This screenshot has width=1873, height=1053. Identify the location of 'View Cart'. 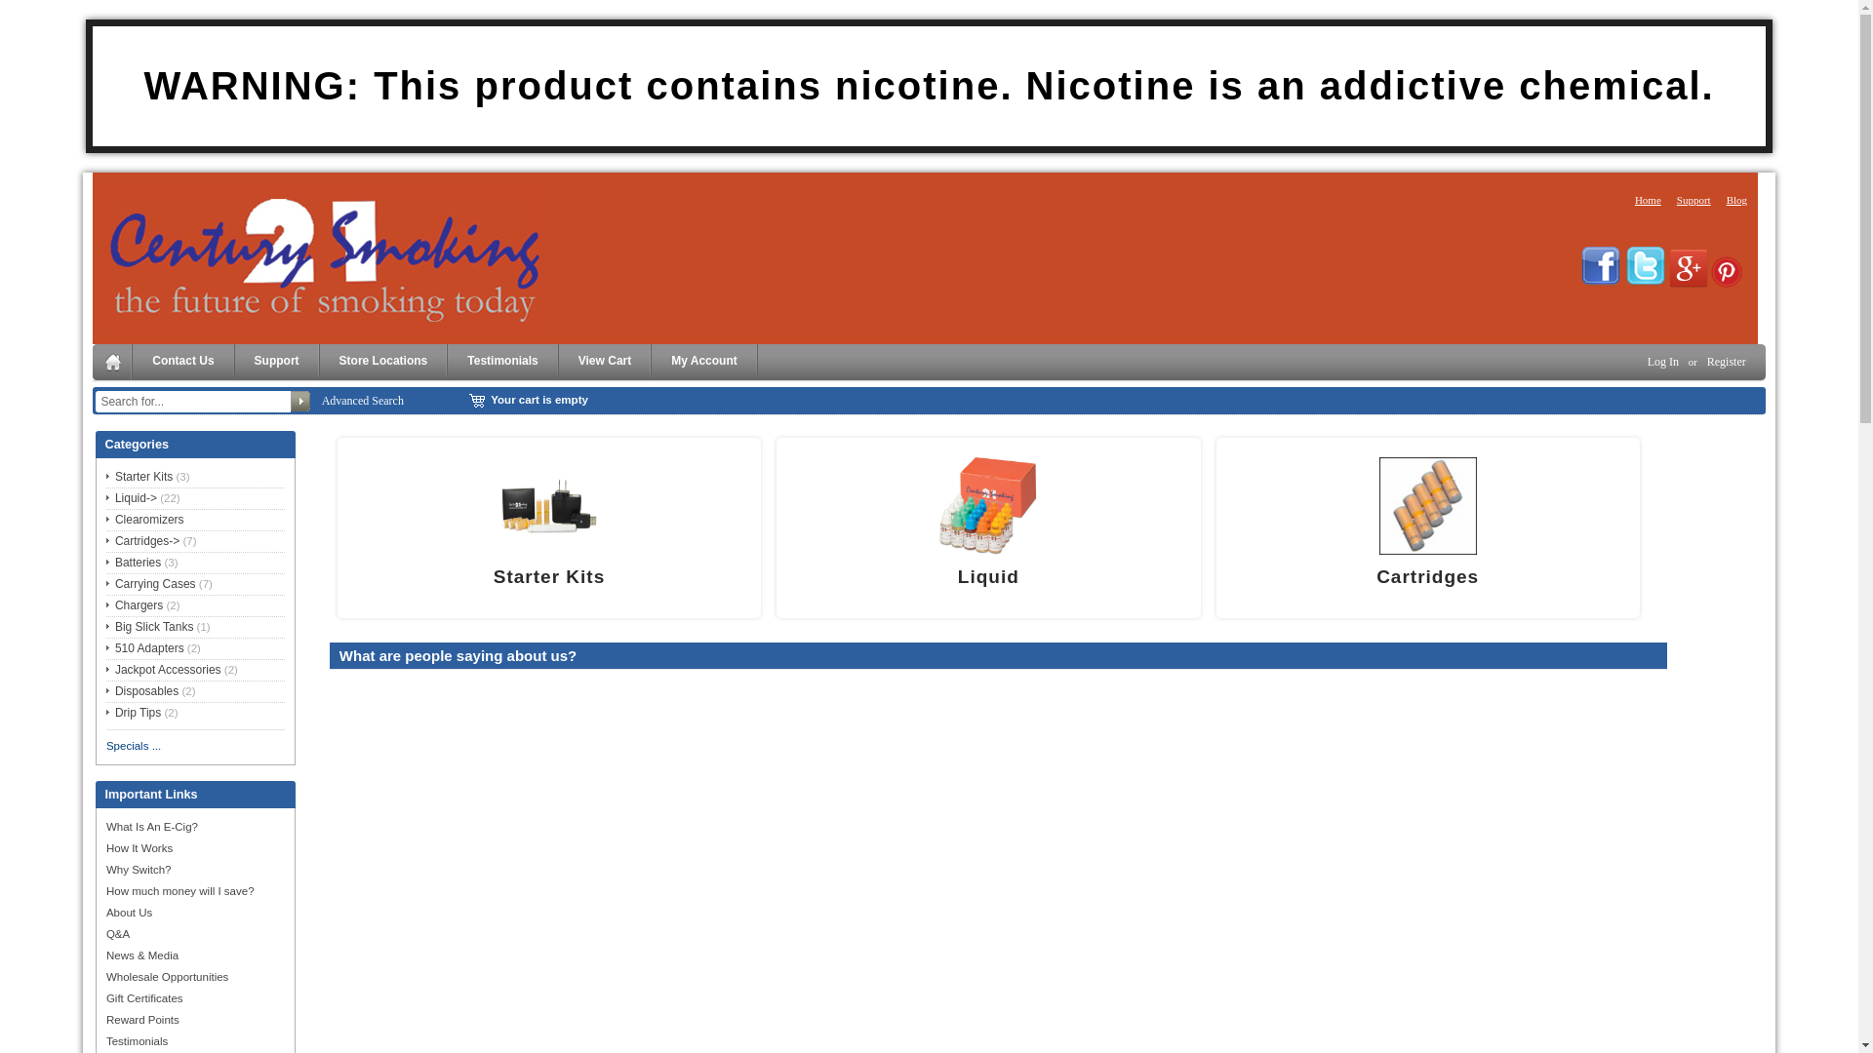
(557, 361).